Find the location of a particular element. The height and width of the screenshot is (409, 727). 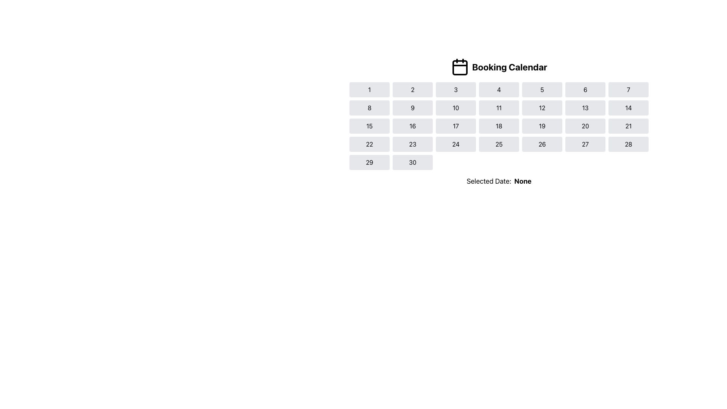

the button displaying the number '4' in bold black text, located within the 'Booking Calendar' grid layout is located at coordinates (499, 89).